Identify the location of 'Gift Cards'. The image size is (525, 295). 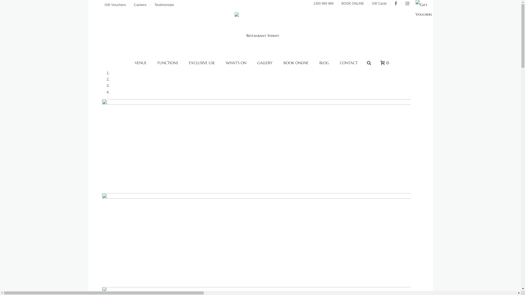
(380, 3).